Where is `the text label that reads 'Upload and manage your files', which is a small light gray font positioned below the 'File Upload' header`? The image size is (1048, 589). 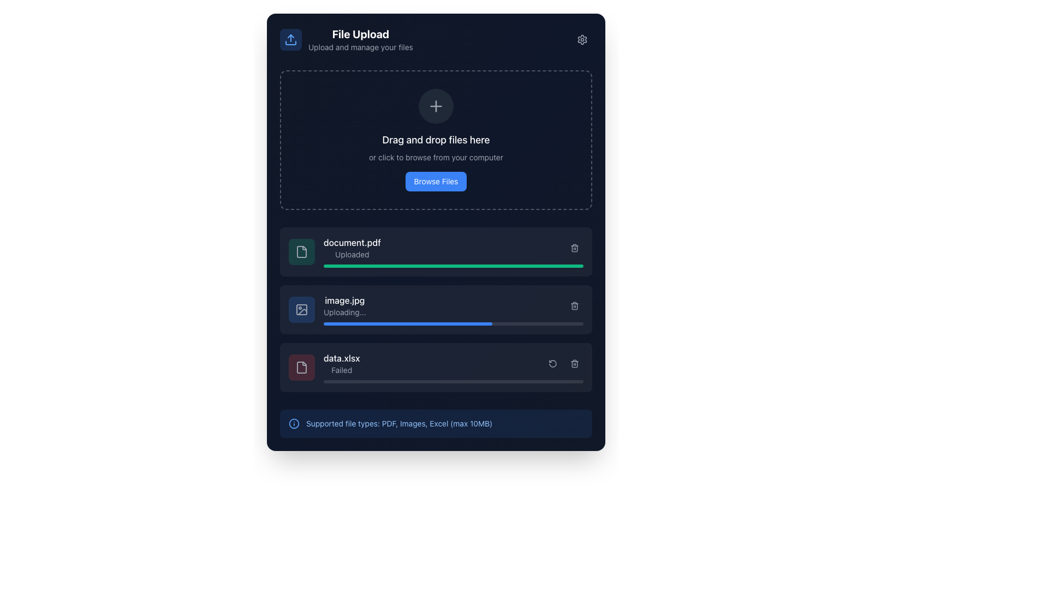 the text label that reads 'Upload and manage your files', which is a small light gray font positioned below the 'File Upload' header is located at coordinates (360, 47).